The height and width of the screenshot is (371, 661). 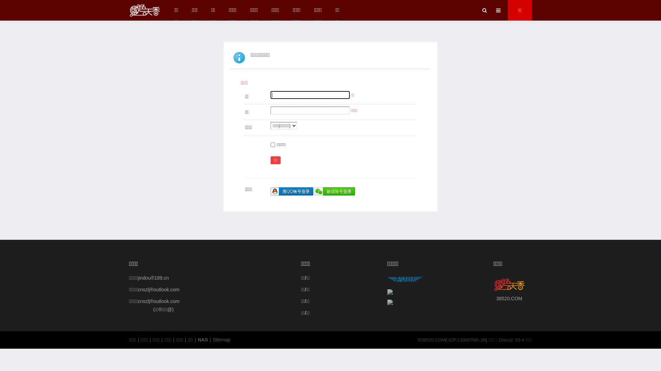 What do you see at coordinates (221, 339) in the screenshot?
I see `'Sitemap'` at bounding box center [221, 339].